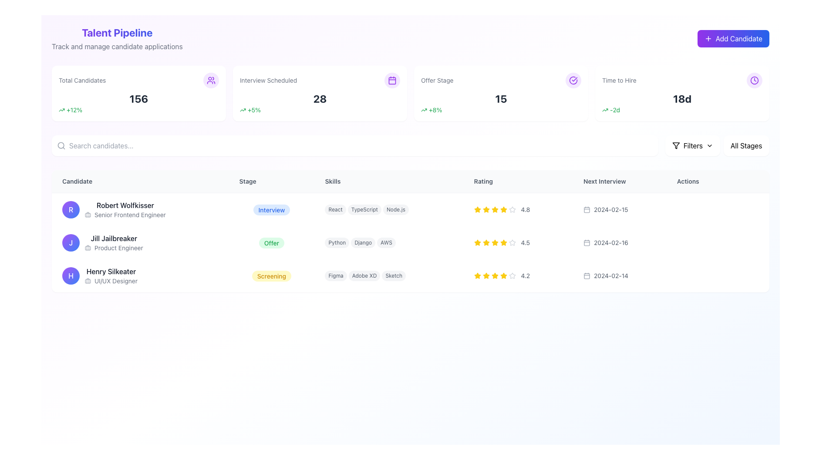  Describe the element at coordinates (525, 210) in the screenshot. I see `the text label displaying the rating '4.8' in the 'Rating' column of the first row of the data table, which is positioned to the right of the five-star rating system` at that location.